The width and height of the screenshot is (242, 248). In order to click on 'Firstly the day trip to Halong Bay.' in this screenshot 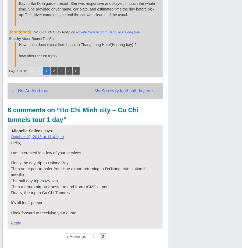, I will do `click(40, 162)`.